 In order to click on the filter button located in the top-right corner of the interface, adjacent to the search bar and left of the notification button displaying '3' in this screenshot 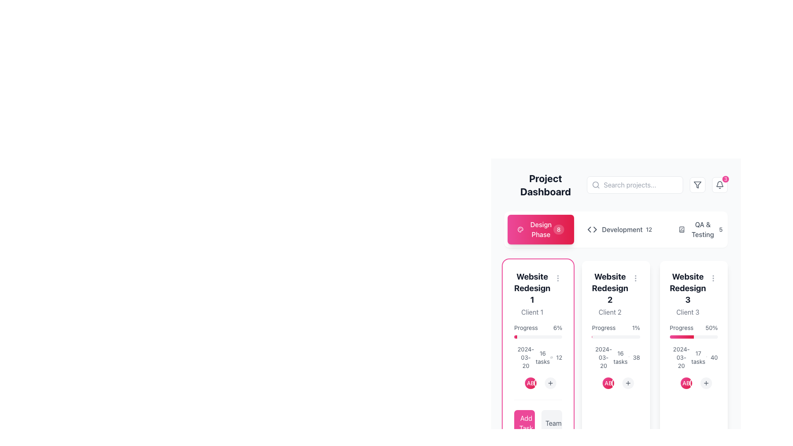, I will do `click(697, 184)`.